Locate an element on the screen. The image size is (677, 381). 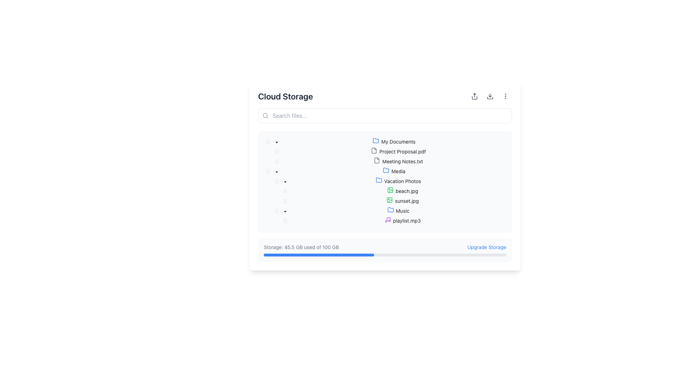
the file entry named 'beach.jpg' is located at coordinates (384, 191).